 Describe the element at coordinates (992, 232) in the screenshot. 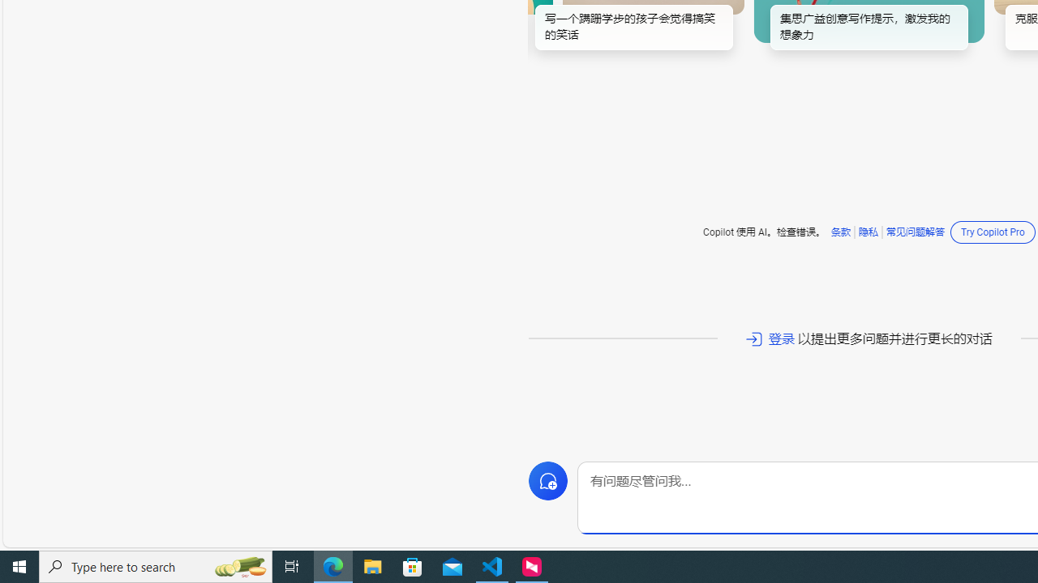

I see `'Try Copilot Pro'` at that location.